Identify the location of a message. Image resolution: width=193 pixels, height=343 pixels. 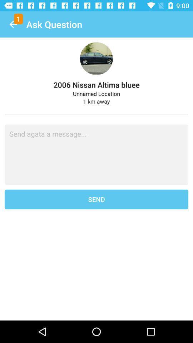
(96, 154).